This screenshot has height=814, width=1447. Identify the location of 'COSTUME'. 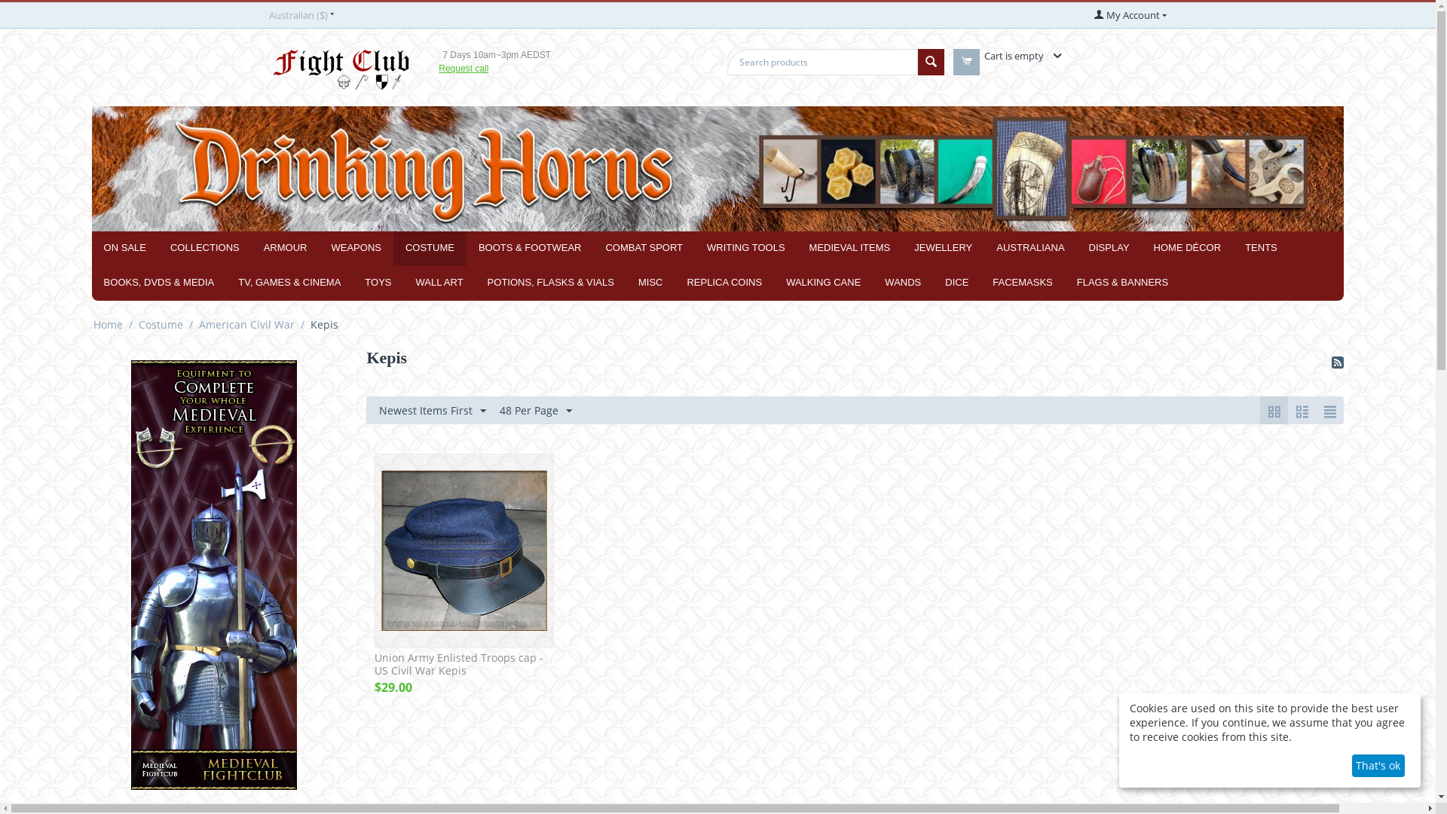
(393, 248).